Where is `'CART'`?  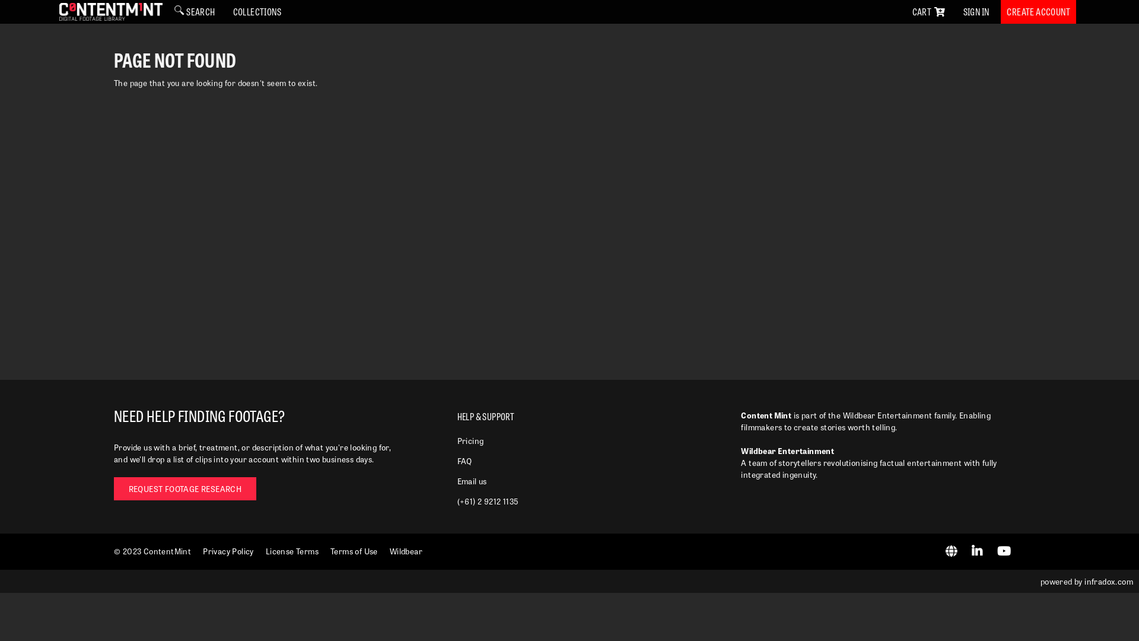
'CART' is located at coordinates (928, 11).